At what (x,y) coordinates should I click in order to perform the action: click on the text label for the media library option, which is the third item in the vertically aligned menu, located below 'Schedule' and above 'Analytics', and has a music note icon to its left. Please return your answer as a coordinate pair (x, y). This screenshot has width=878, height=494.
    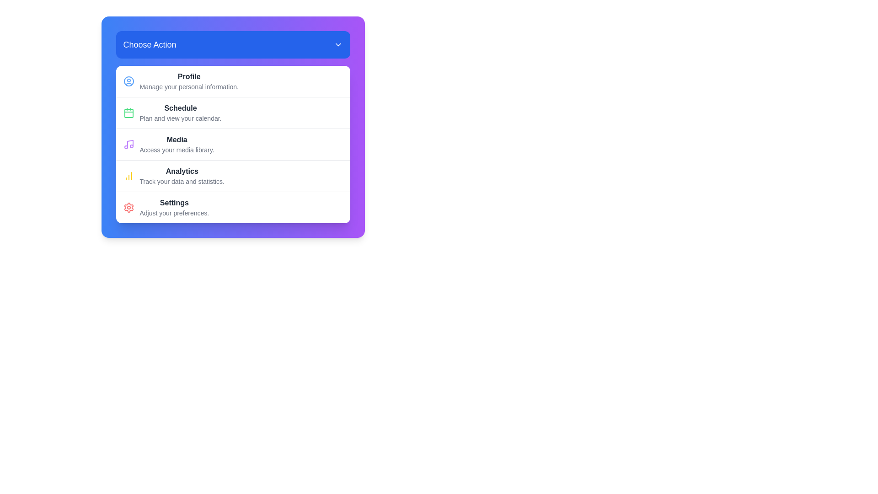
    Looking at the image, I should click on (177, 144).